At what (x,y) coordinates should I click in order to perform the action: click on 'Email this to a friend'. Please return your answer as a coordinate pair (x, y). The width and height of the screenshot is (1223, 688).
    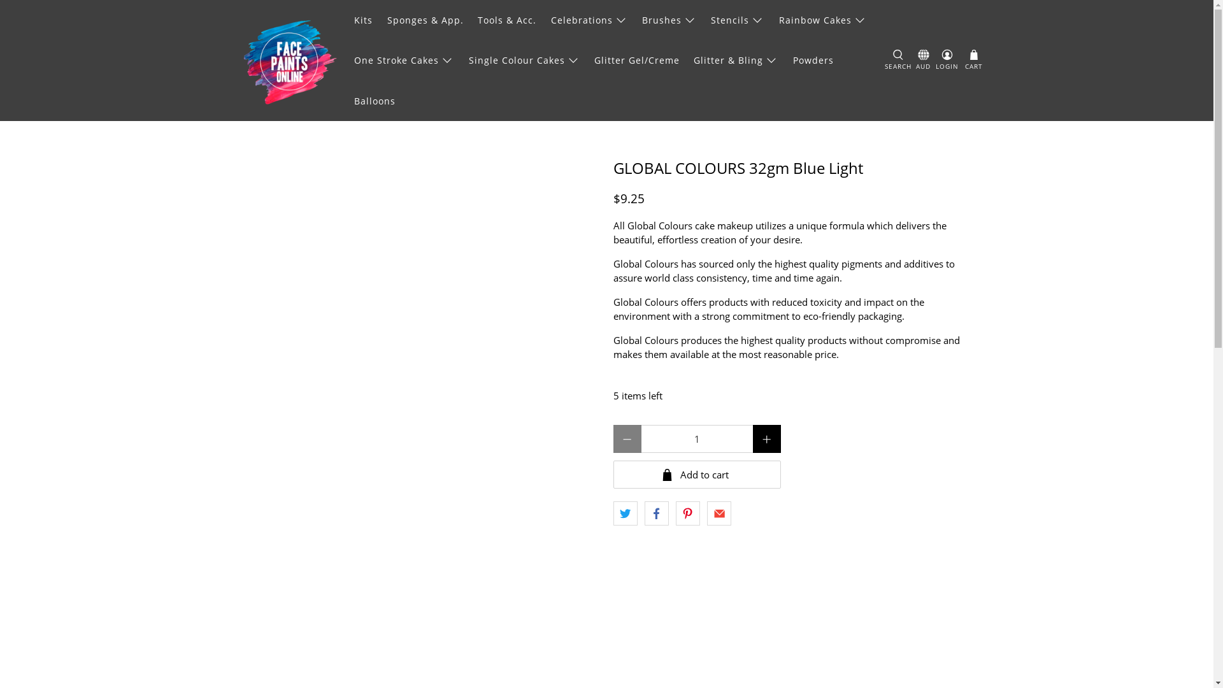
    Looking at the image, I should click on (719, 513).